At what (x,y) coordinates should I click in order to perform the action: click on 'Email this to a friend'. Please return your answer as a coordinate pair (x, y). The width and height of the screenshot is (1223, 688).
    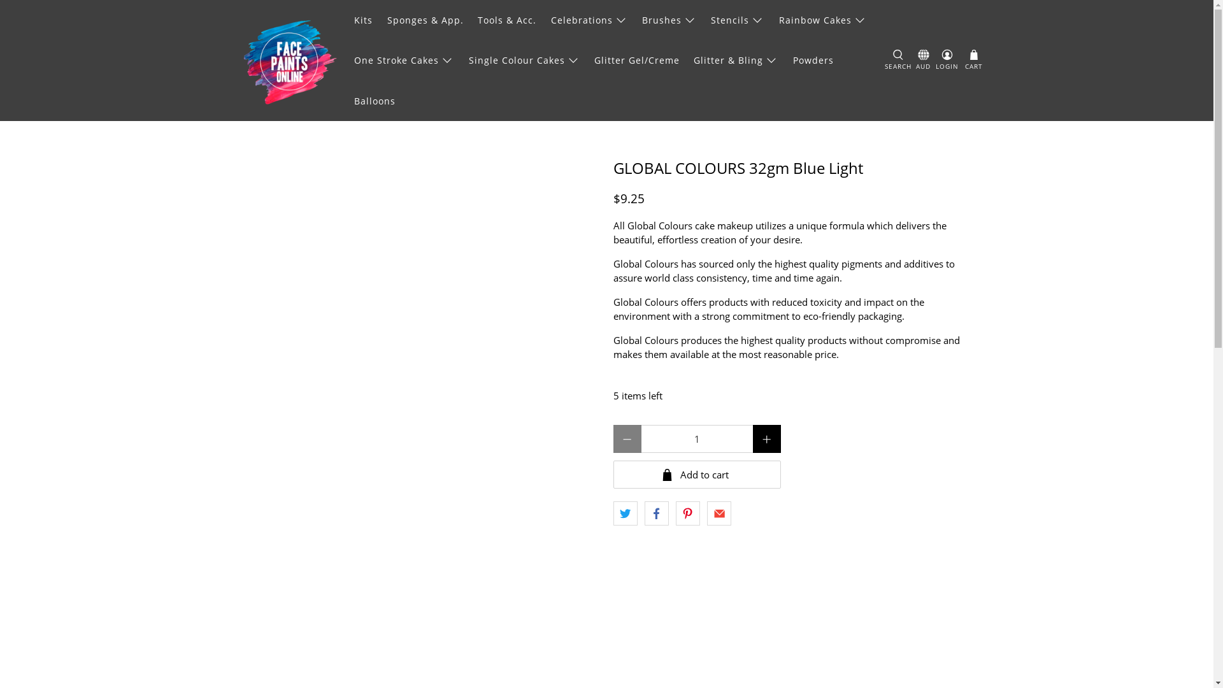
    Looking at the image, I should click on (719, 513).